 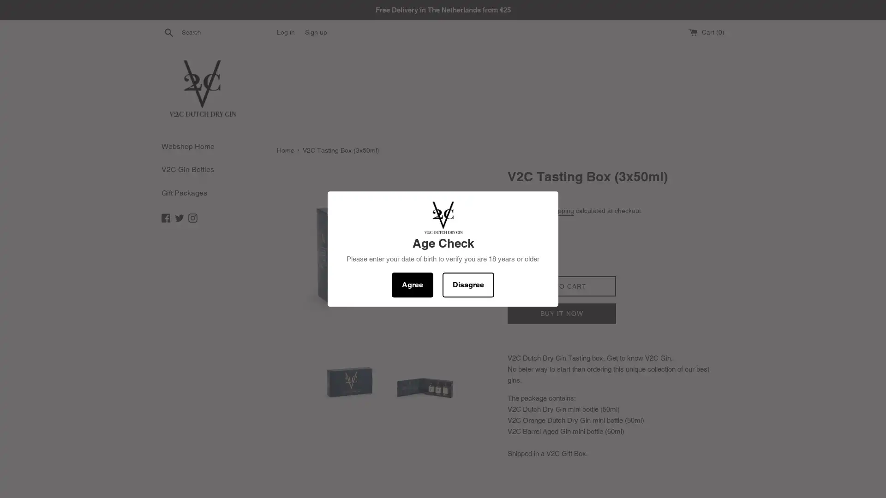 What do you see at coordinates (561, 313) in the screenshot?
I see `BUY IT NOW` at bounding box center [561, 313].